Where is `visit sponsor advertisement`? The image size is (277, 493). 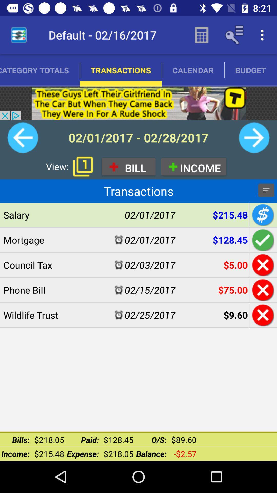 visit sponsor advertisement is located at coordinates (138, 103).